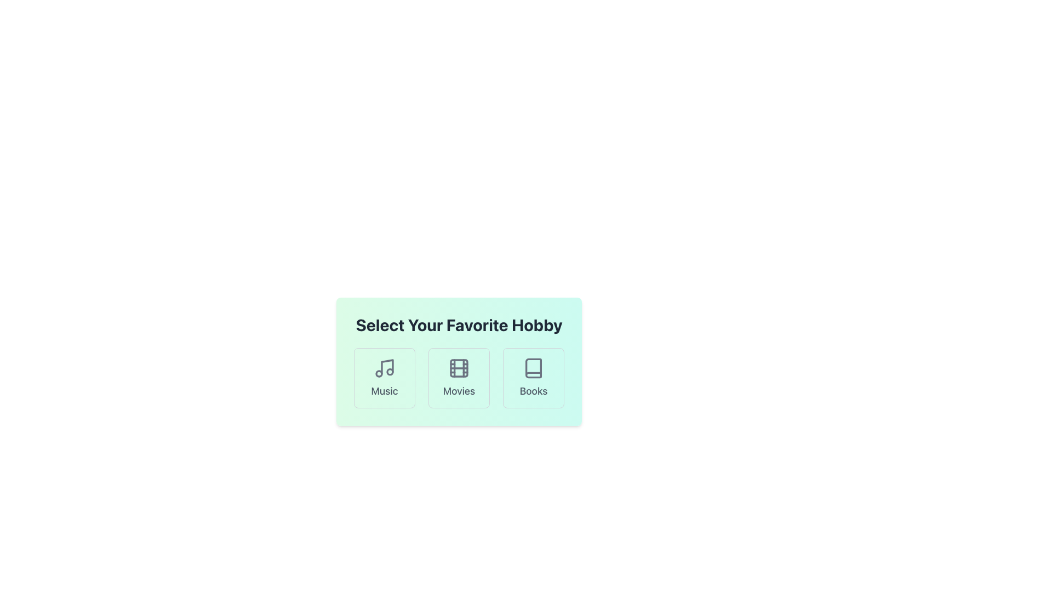 The image size is (1052, 592). Describe the element at coordinates (459, 361) in the screenshot. I see `the central option of the selection panel titled 'Select Your Favorite Hobby'` at that location.